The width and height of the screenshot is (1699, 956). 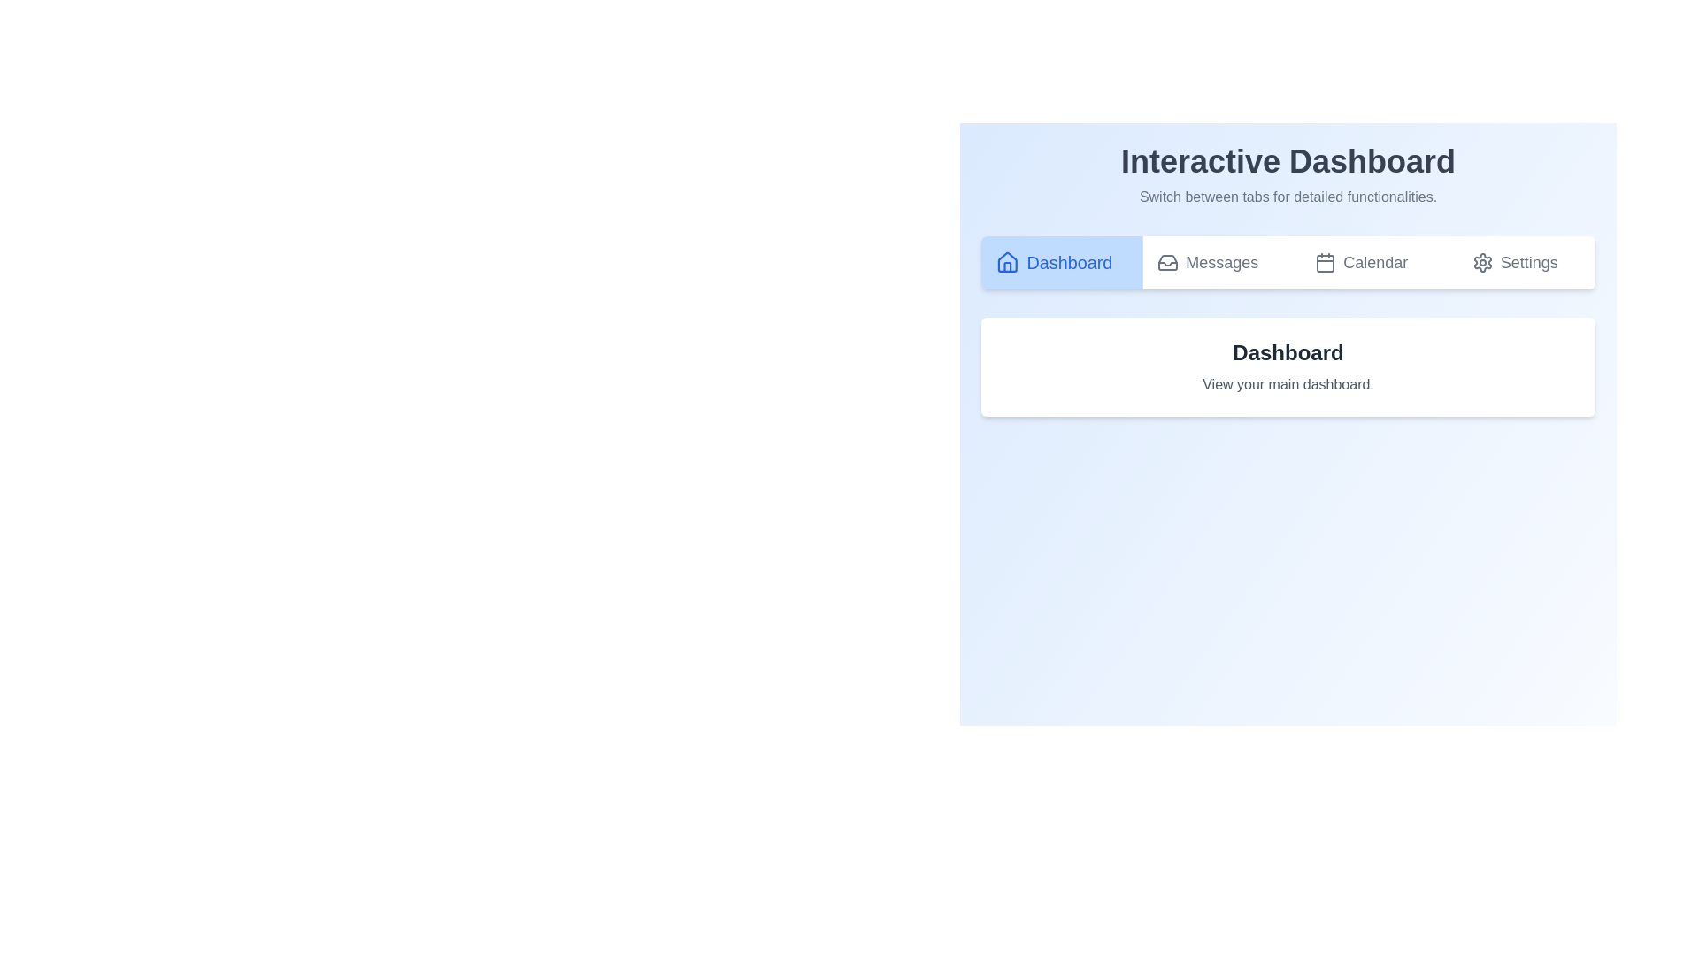 I want to click on the static text display at the top-middle of the interface, which serves as a header for the navigation buttons below, so click(x=1288, y=176).